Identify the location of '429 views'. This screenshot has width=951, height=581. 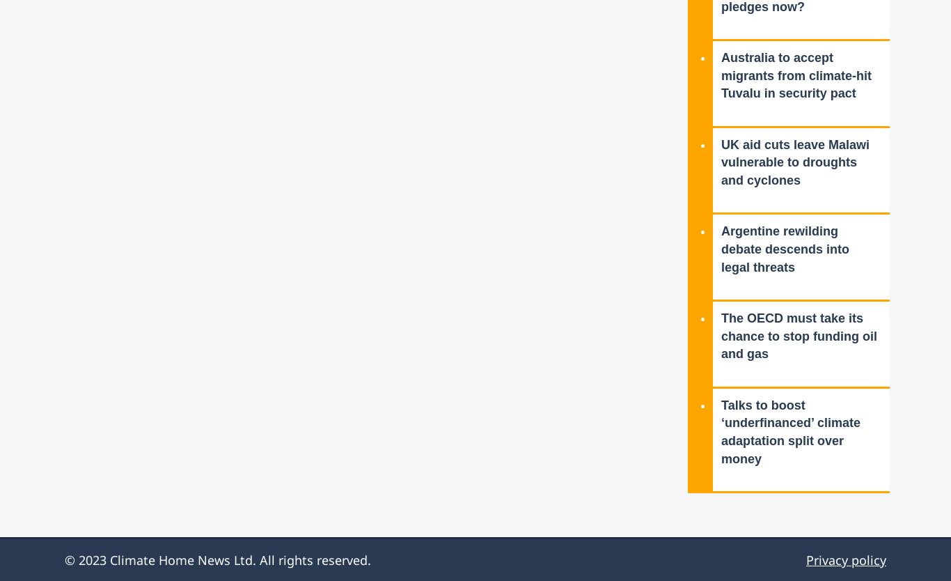
(720, 23).